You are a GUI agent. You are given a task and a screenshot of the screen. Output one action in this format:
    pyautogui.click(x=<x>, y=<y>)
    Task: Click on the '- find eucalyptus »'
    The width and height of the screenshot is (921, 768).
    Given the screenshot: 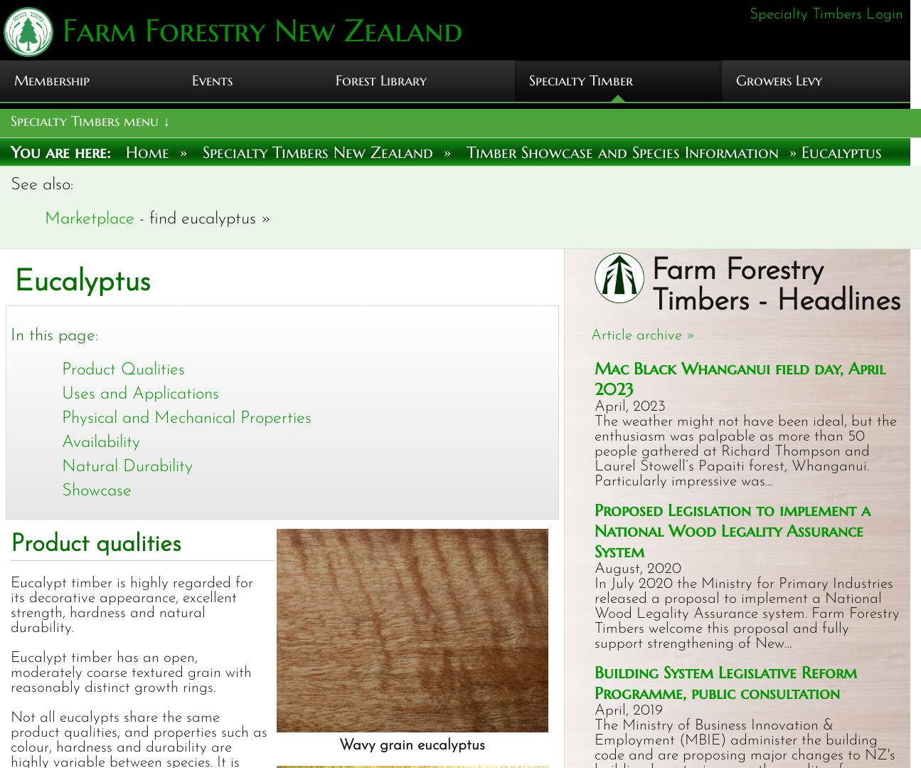 What is the action you would take?
    pyautogui.click(x=203, y=218)
    